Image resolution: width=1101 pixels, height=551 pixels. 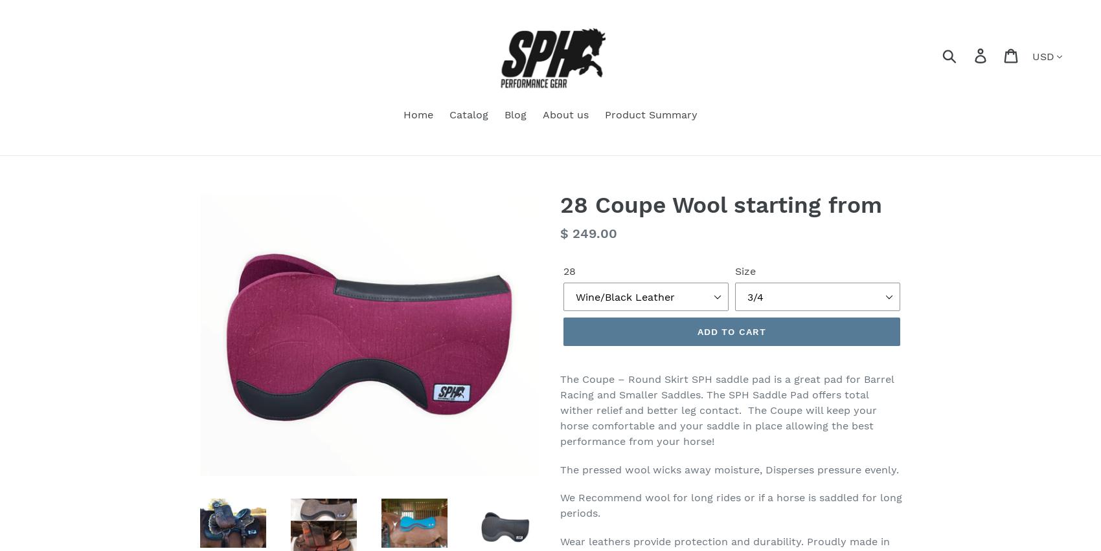 I want to click on 'The Coupe – Round Skirt SPH saddle pad is a great pad for Barrel Racing and Smaller Saddles. The SPH Saddle Pad offers total wither relief and better leg contact.  The Coupe will keep your horse comfortable and your saddle in place allowing the best performance from your horse!', so click(x=727, y=410).